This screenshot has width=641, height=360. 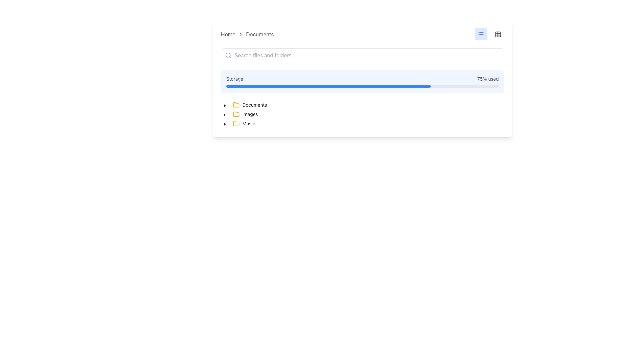 I want to click on the small downward-pointing caret icon located to the left of the 'Images' list item, so click(x=225, y=114).